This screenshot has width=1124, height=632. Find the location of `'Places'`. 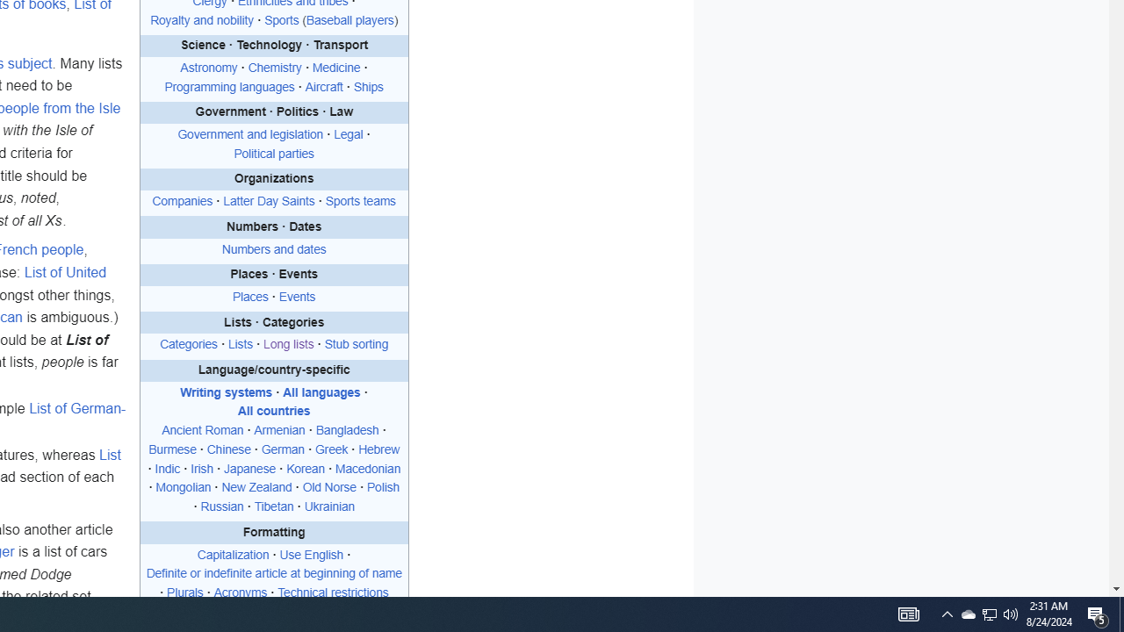

'Places' is located at coordinates (249, 297).